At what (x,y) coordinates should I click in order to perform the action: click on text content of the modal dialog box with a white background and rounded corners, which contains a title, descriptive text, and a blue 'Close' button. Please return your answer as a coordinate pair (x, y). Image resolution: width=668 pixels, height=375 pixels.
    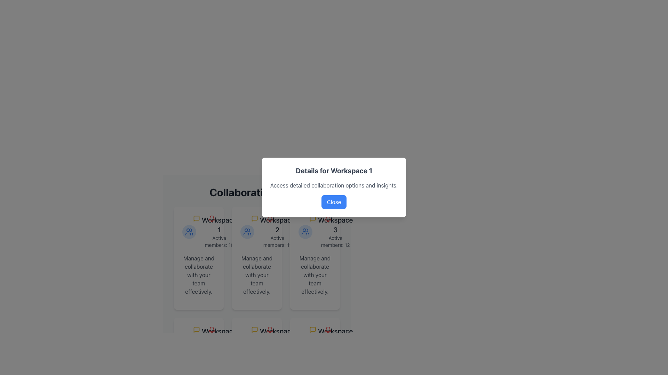
    Looking at the image, I should click on (334, 187).